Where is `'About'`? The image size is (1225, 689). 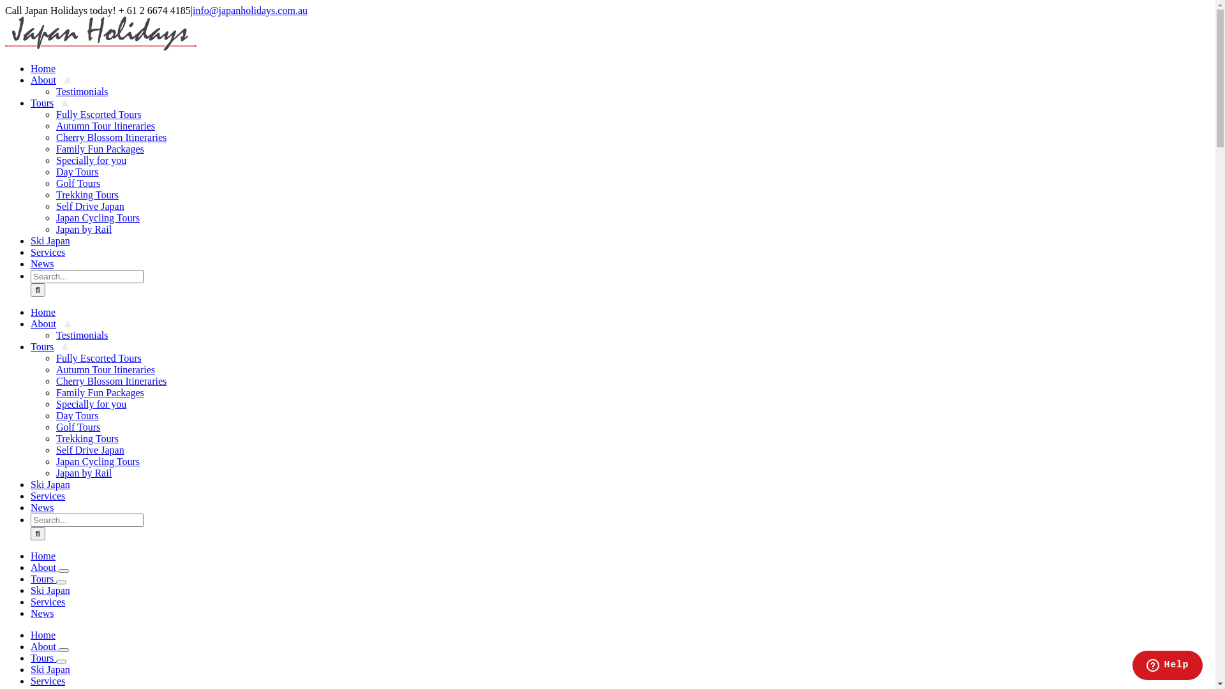
'About' is located at coordinates (45, 646).